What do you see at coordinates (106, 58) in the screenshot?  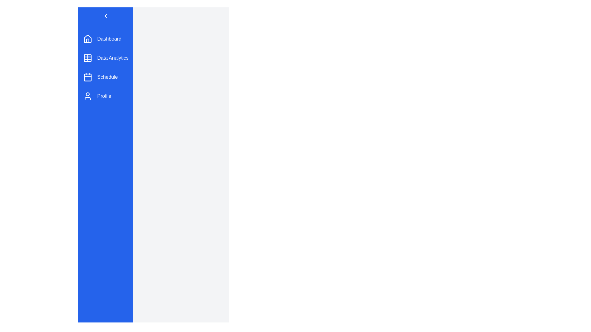 I see `the menu item labeled 'Data Analytics' to trigger its hover effect` at bounding box center [106, 58].